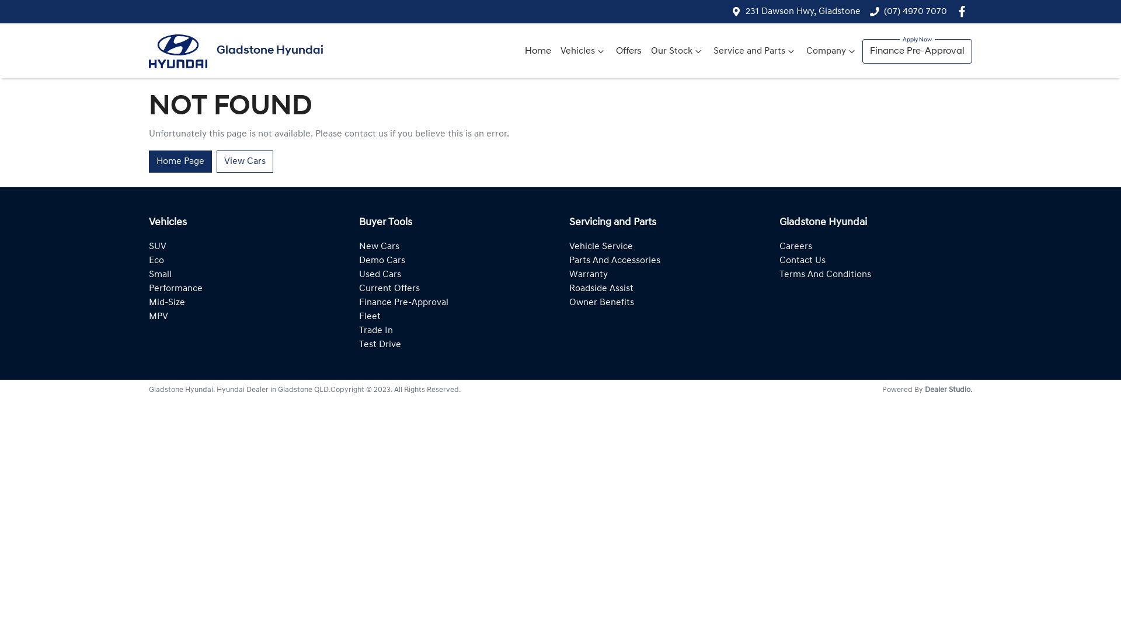  What do you see at coordinates (159, 274) in the screenshot?
I see `'Small'` at bounding box center [159, 274].